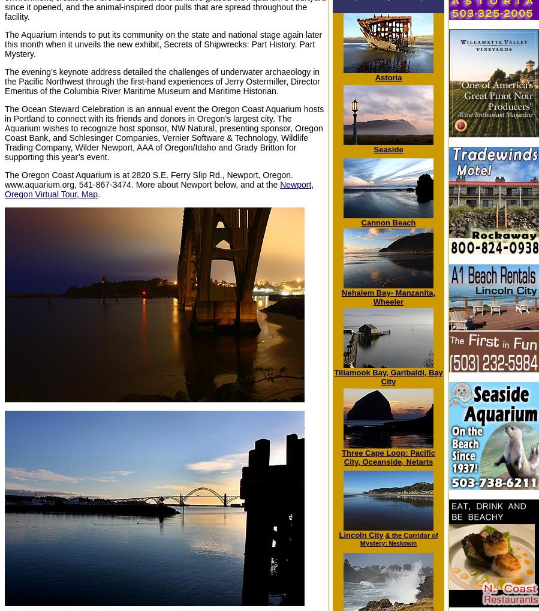 This screenshot has height=611, width=539. Describe the element at coordinates (387, 149) in the screenshot. I see `'Seaside'` at that location.